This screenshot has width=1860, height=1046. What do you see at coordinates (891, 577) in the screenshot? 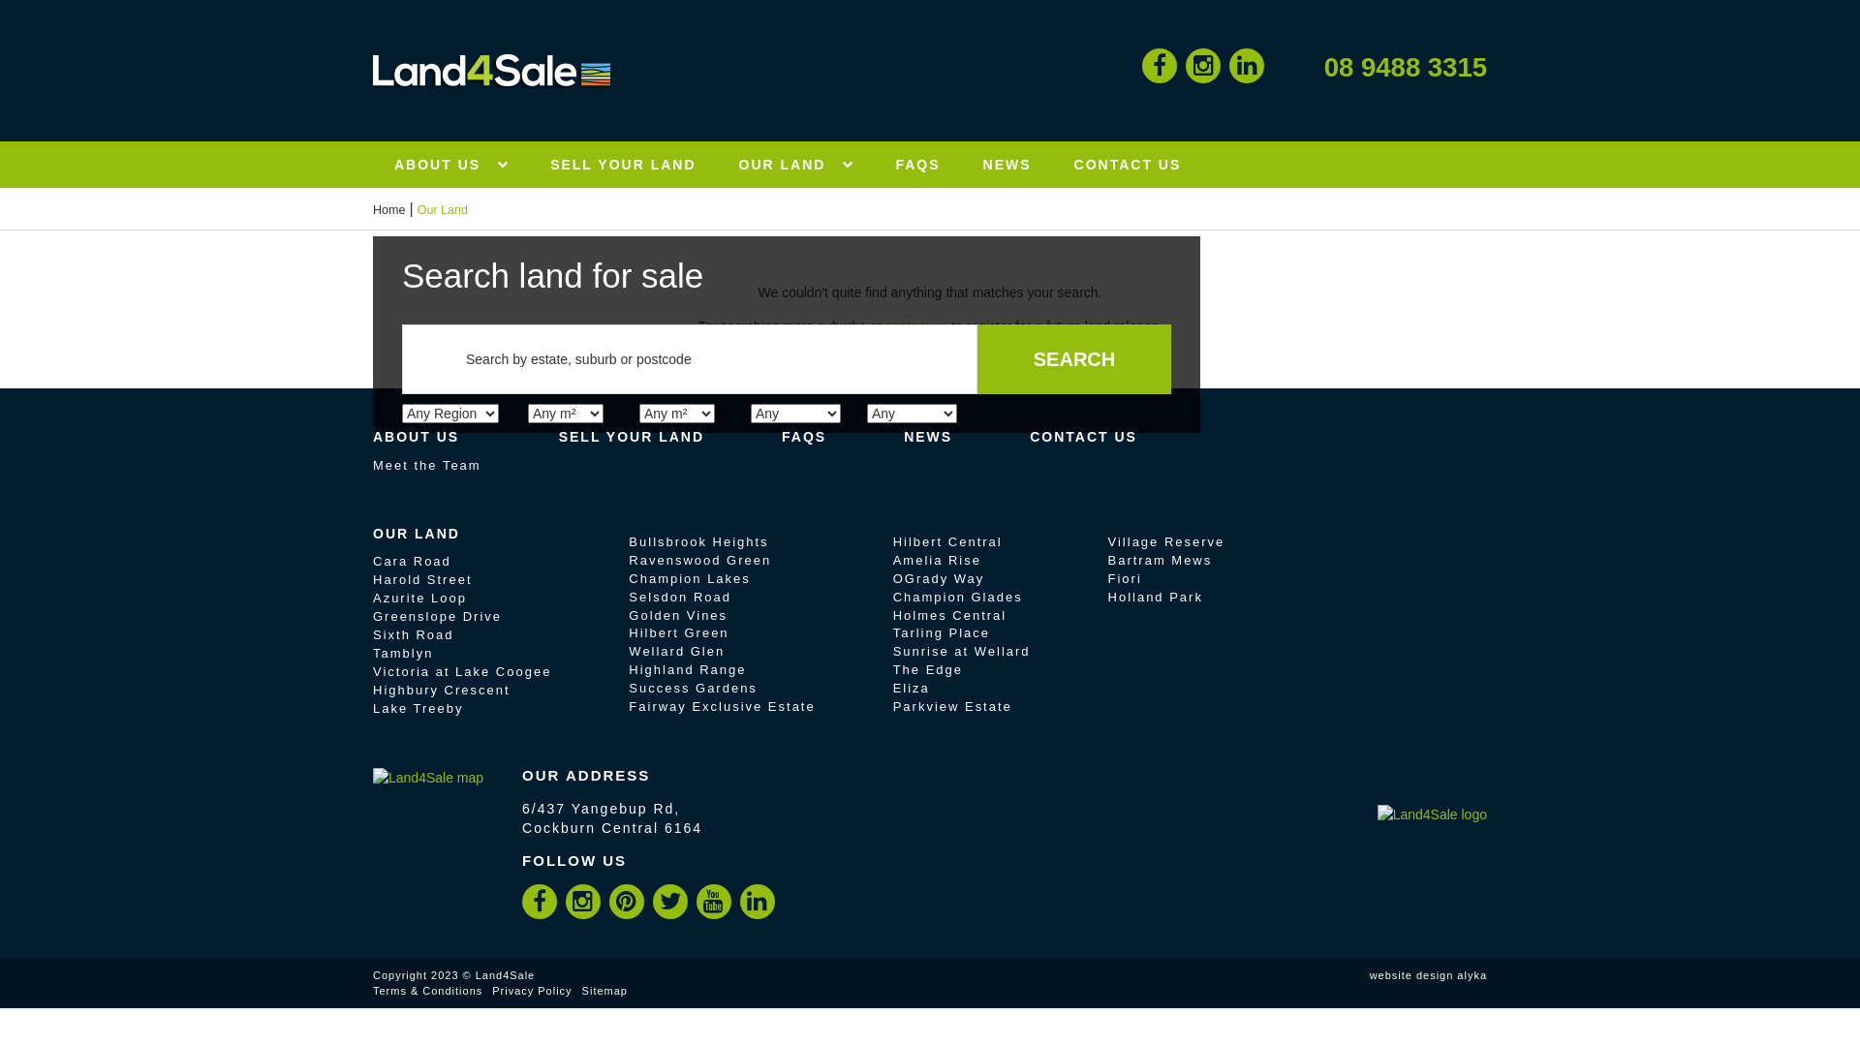
I see `'OGrady Way'` at bounding box center [891, 577].